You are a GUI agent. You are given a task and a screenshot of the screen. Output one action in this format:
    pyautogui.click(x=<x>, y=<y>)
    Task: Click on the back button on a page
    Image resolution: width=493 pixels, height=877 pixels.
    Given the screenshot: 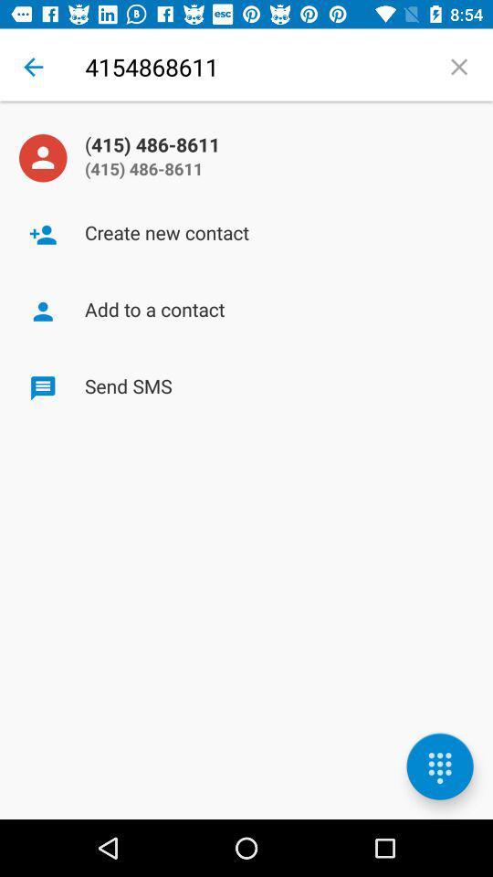 What is the action you would take?
    pyautogui.click(x=33, y=67)
    